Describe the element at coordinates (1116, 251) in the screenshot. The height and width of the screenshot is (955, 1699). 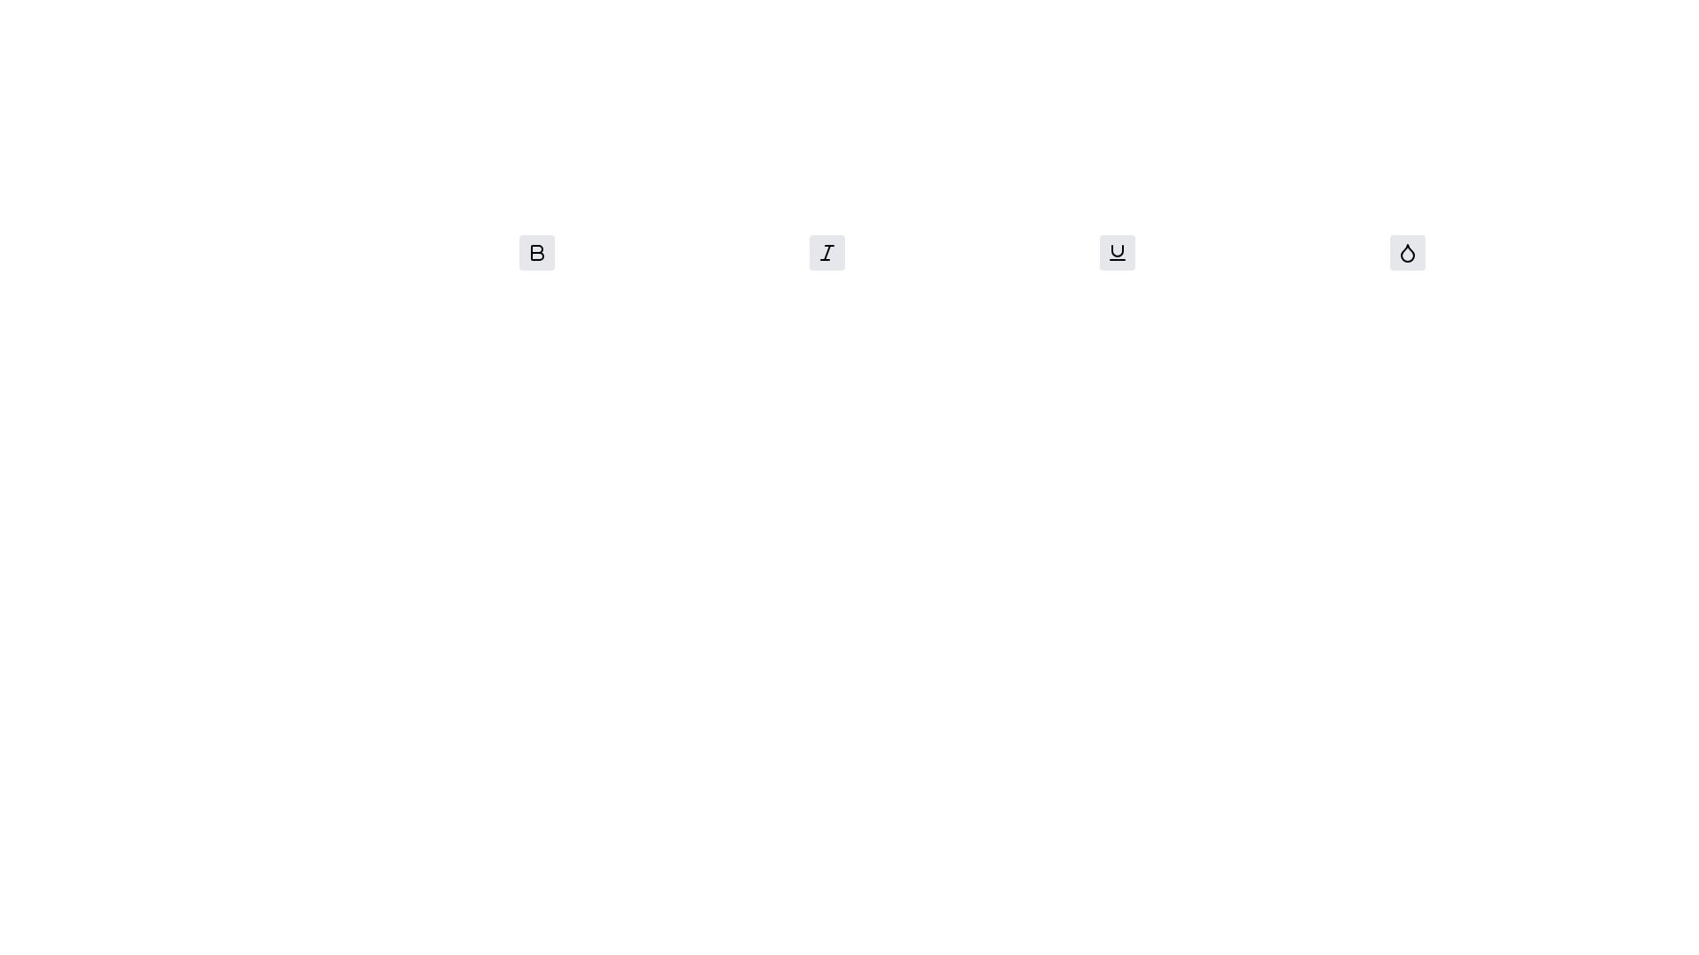
I see `the button containing the small curved stroke icon with a light gray background and black graphical symbol, located near the top section of the interface` at that location.